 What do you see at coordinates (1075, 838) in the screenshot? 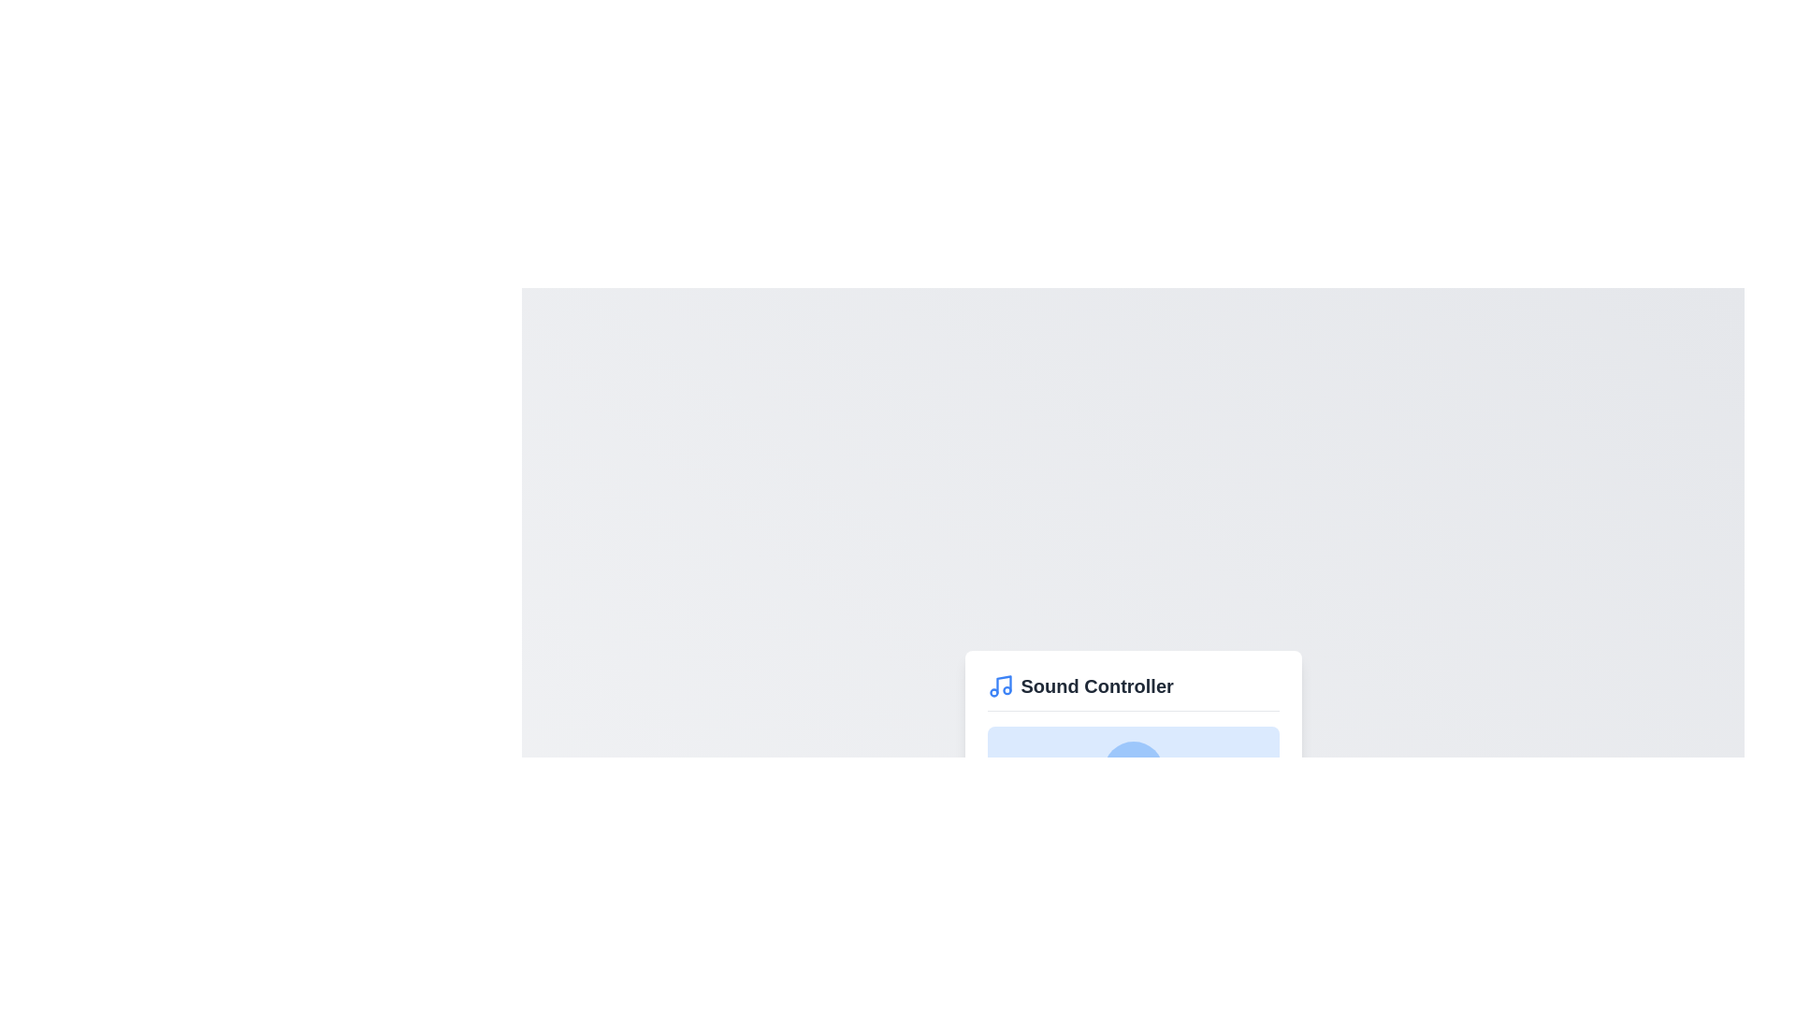
I see `the volume slider to 30% to observe the change in the volume indicator` at bounding box center [1075, 838].